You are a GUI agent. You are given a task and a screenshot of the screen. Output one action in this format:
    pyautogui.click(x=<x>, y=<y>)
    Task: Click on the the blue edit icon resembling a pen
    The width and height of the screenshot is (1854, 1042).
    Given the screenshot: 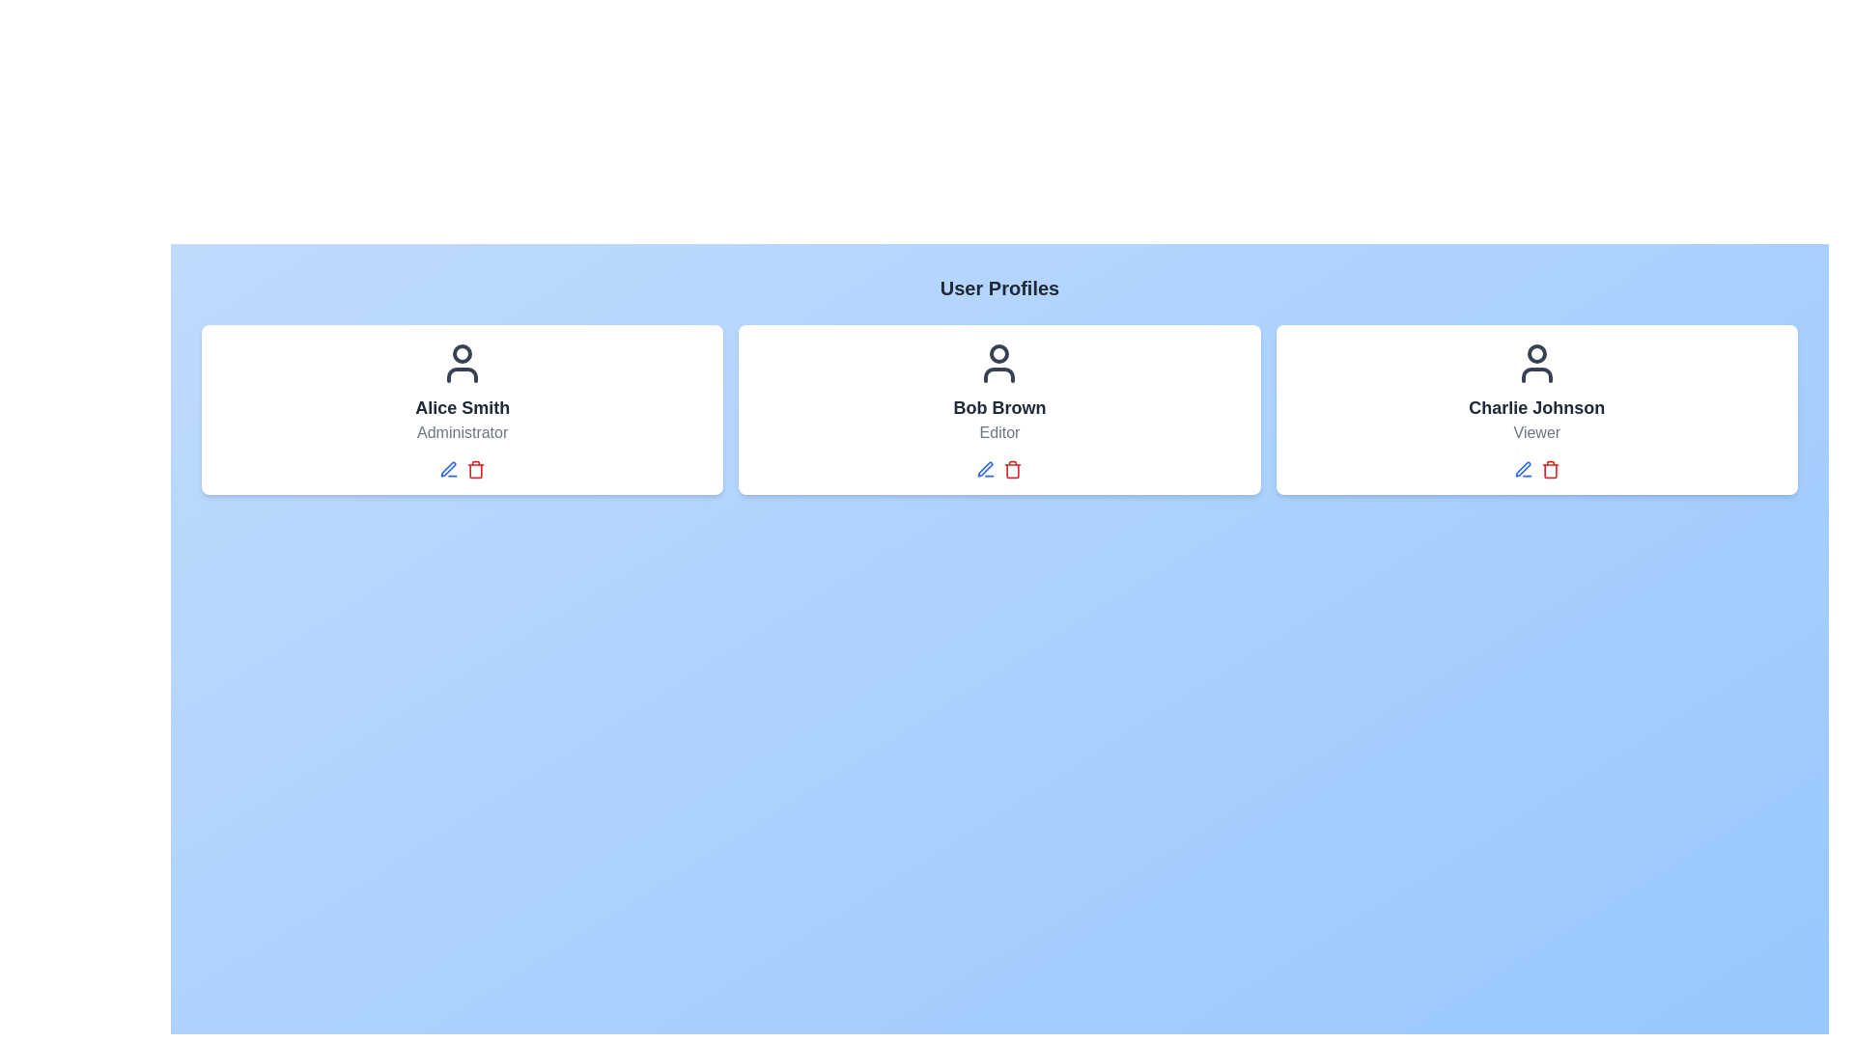 What is the action you would take?
    pyautogui.click(x=986, y=469)
    